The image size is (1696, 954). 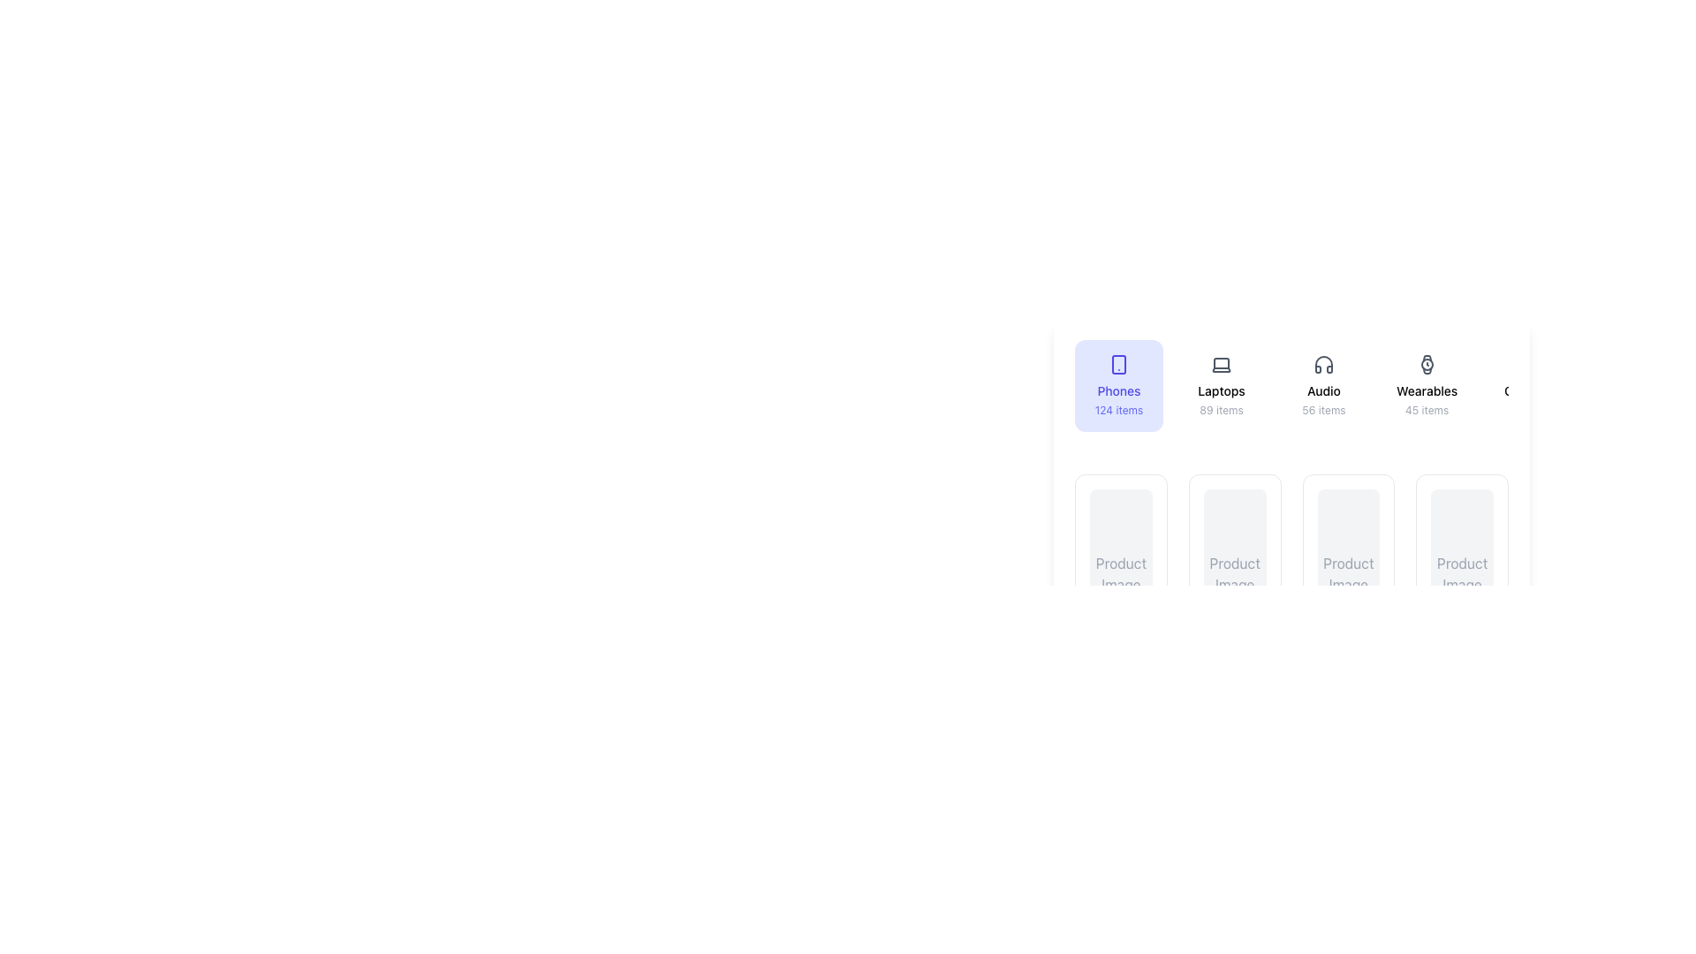 I want to click on the text label displaying '124 items' in small indigo font, located at the bottom of the 'Phones' category card, so click(x=1118, y=411).